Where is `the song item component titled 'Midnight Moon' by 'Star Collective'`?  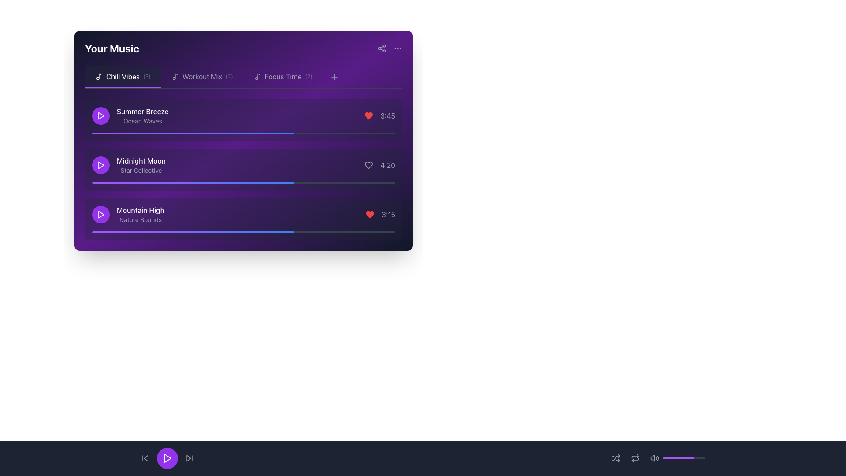
the song item component titled 'Midnight Moon' by 'Star Collective' is located at coordinates (243, 170).